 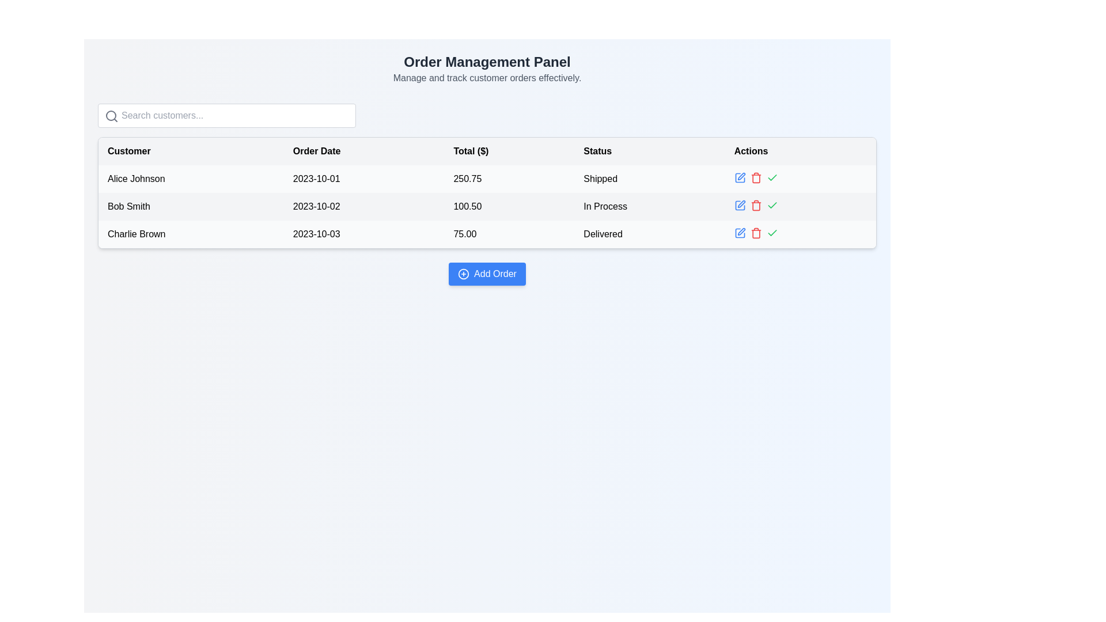 I want to click on the confirmation icon button located in the third row under the 'Actions' column of the table to confirm an action, so click(x=772, y=205).